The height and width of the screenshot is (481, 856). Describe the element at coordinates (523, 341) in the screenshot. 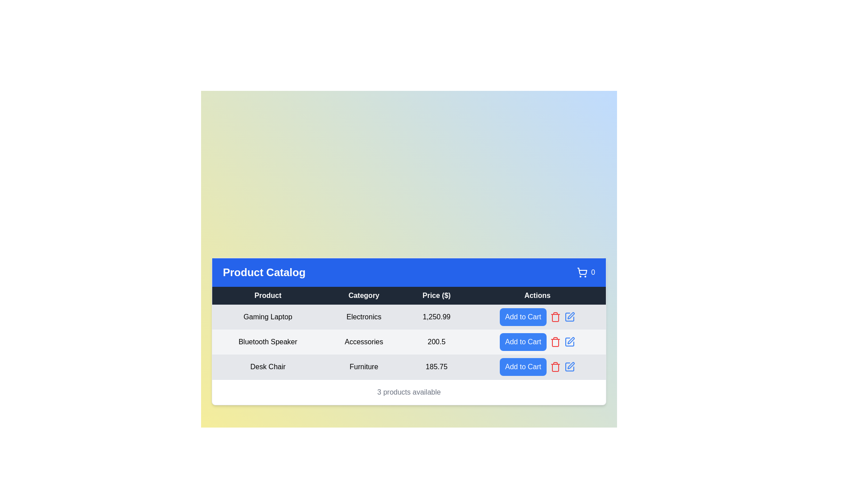

I see `the first button in the 'Actions' column of the second row` at that location.